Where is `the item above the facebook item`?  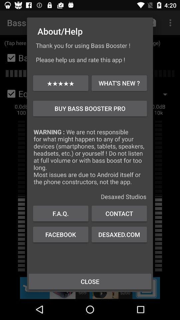 the item above the facebook item is located at coordinates (119, 213).